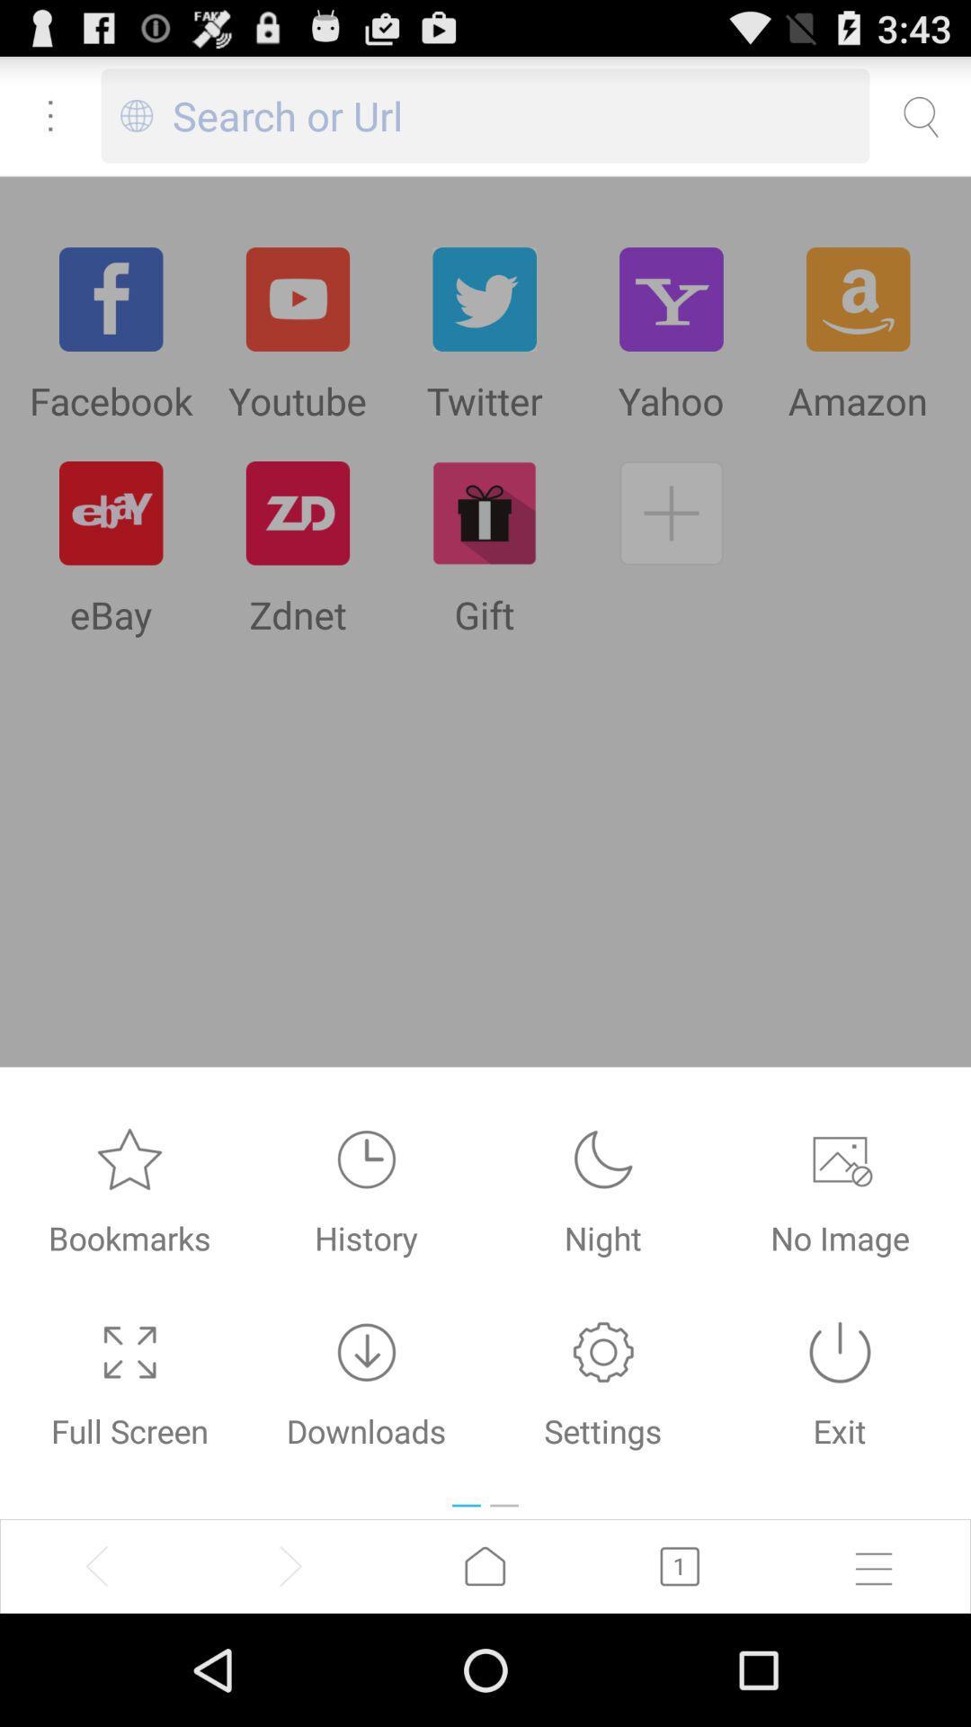 This screenshot has width=971, height=1727. What do you see at coordinates (290, 1675) in the screenshot?
I see `the arrow_forward icon` at bounding box center [290, 1675].